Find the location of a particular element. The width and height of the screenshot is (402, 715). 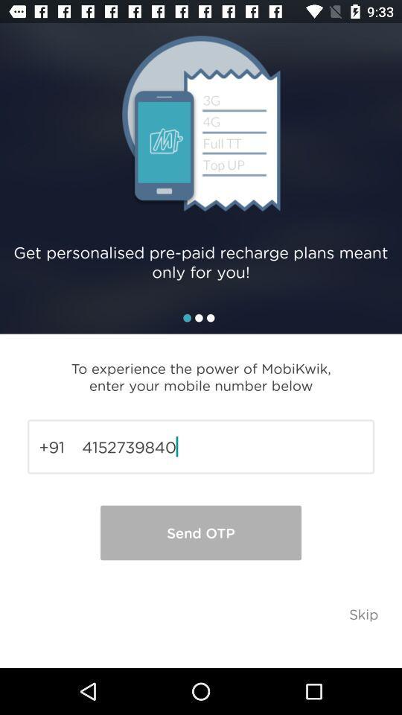

the icon below the 4152739840 item is located at coordinates (363, 614).